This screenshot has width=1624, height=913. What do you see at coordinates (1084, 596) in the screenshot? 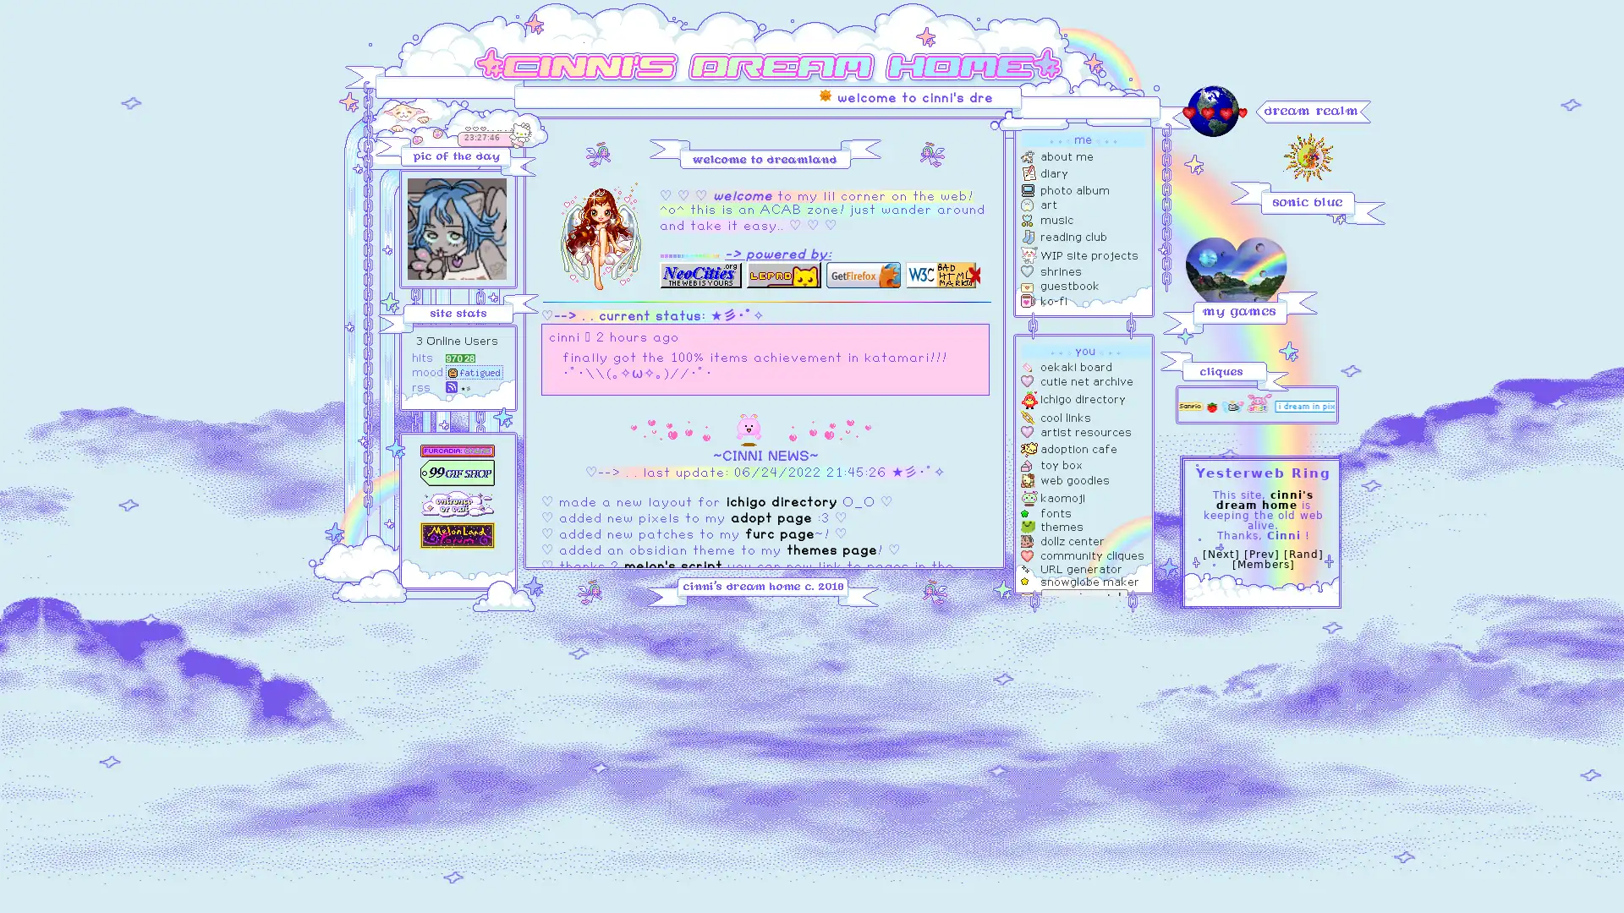
I see `experimental` at bounding box center [1084, 596].